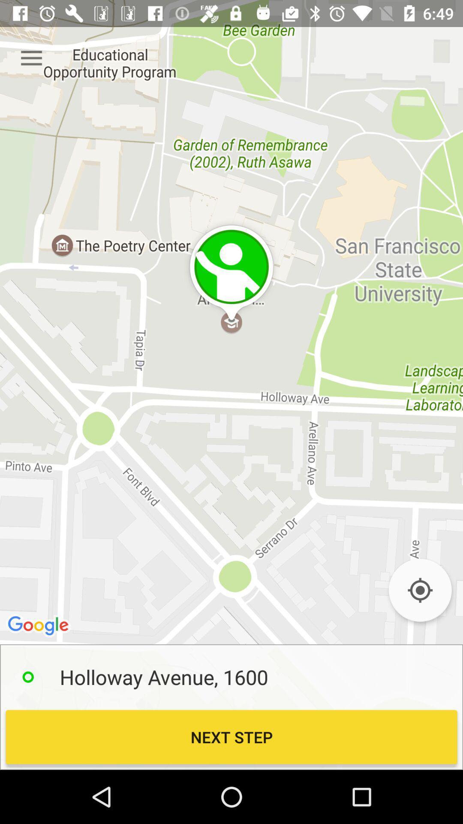 The image size is (463, 824). Describe the element at coordinates (31, 58) in the screenshot. I see `item at the top left corner` at that location.